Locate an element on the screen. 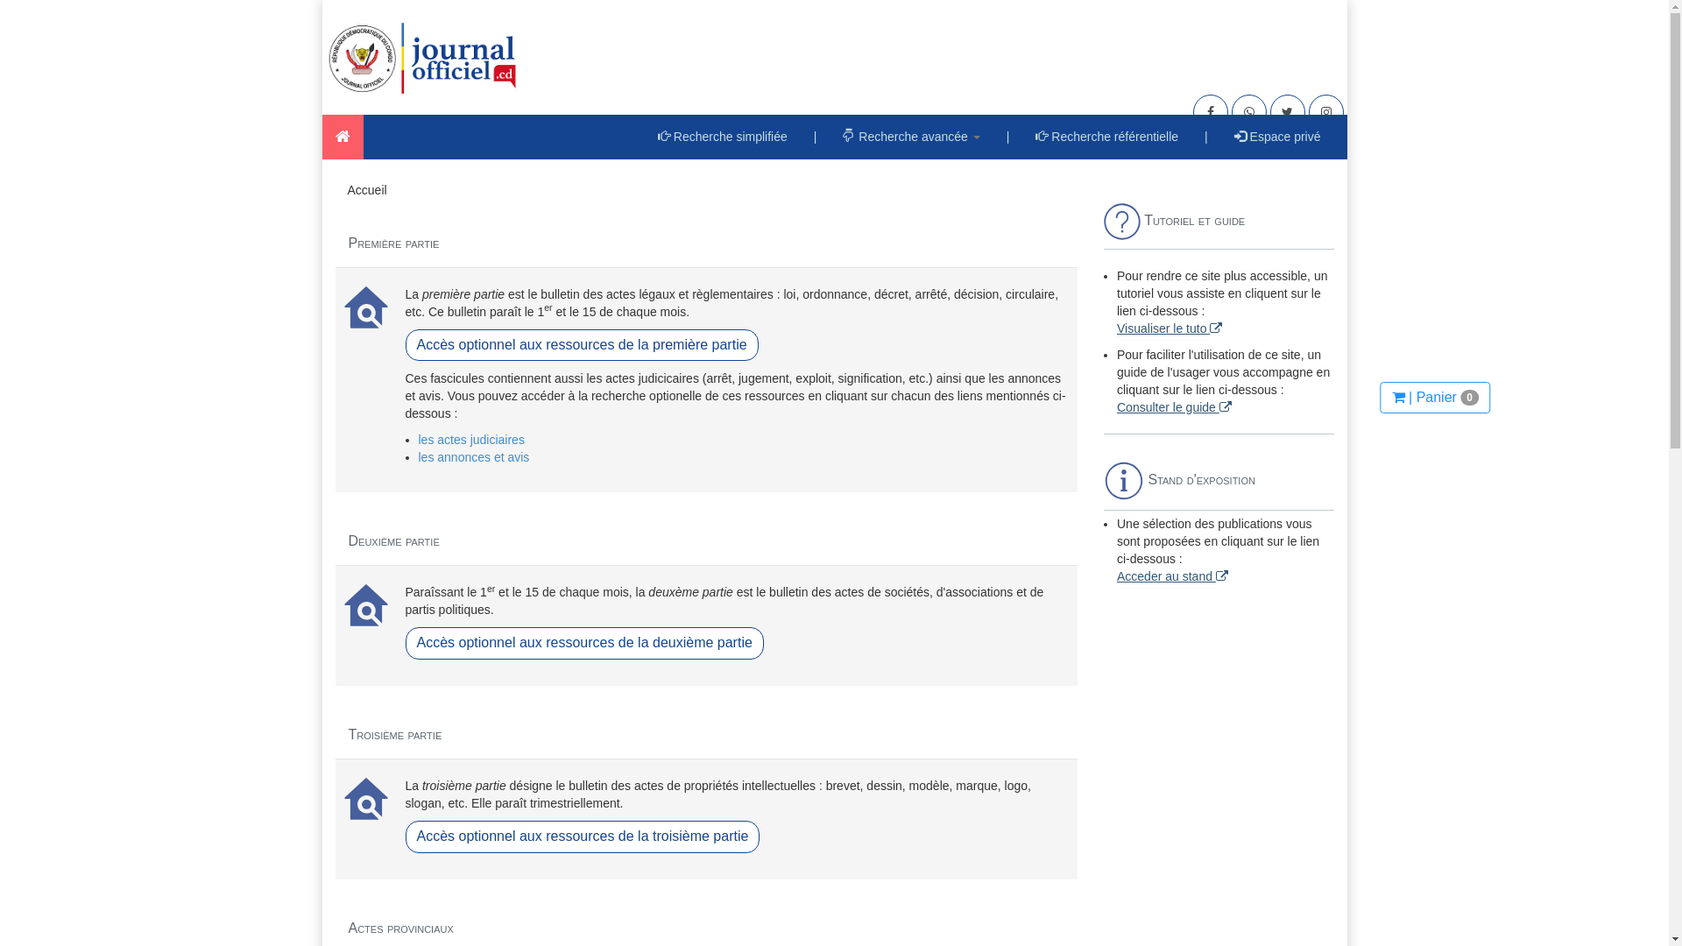 Image resolution: width=1682 pixels, height=946 pixels. 'Acceder au stand' is located at coordinates (1116, 576).